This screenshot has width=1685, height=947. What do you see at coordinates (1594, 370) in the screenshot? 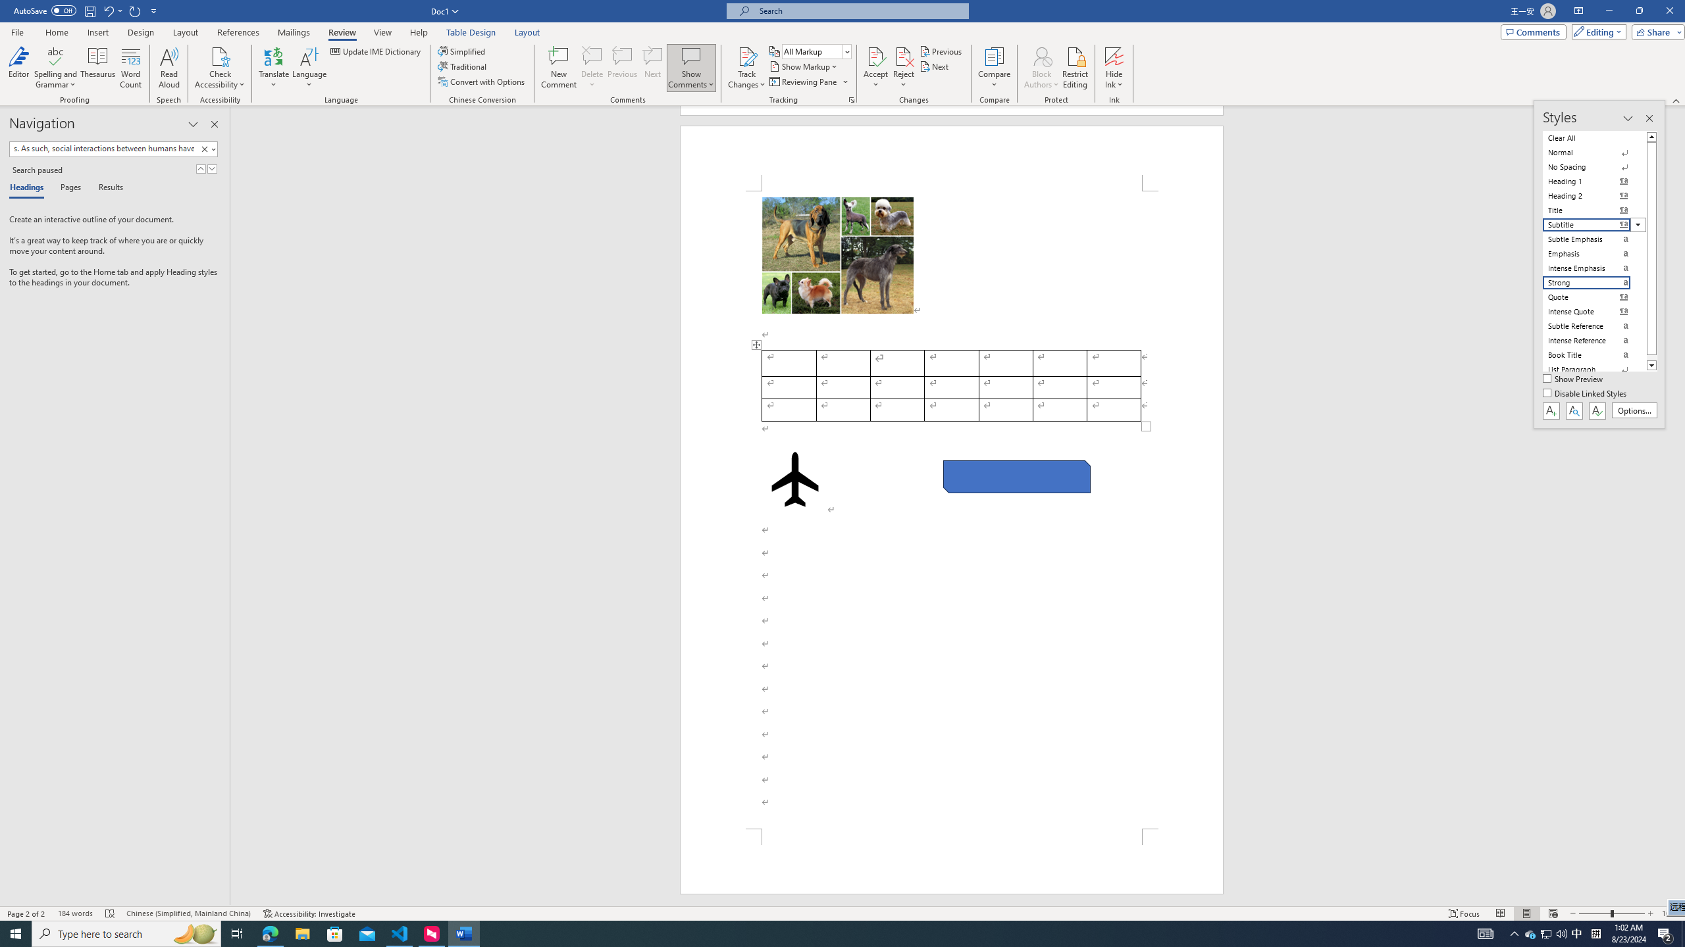
I see `'List Paragraph'` at bounding box center [1594, 370].